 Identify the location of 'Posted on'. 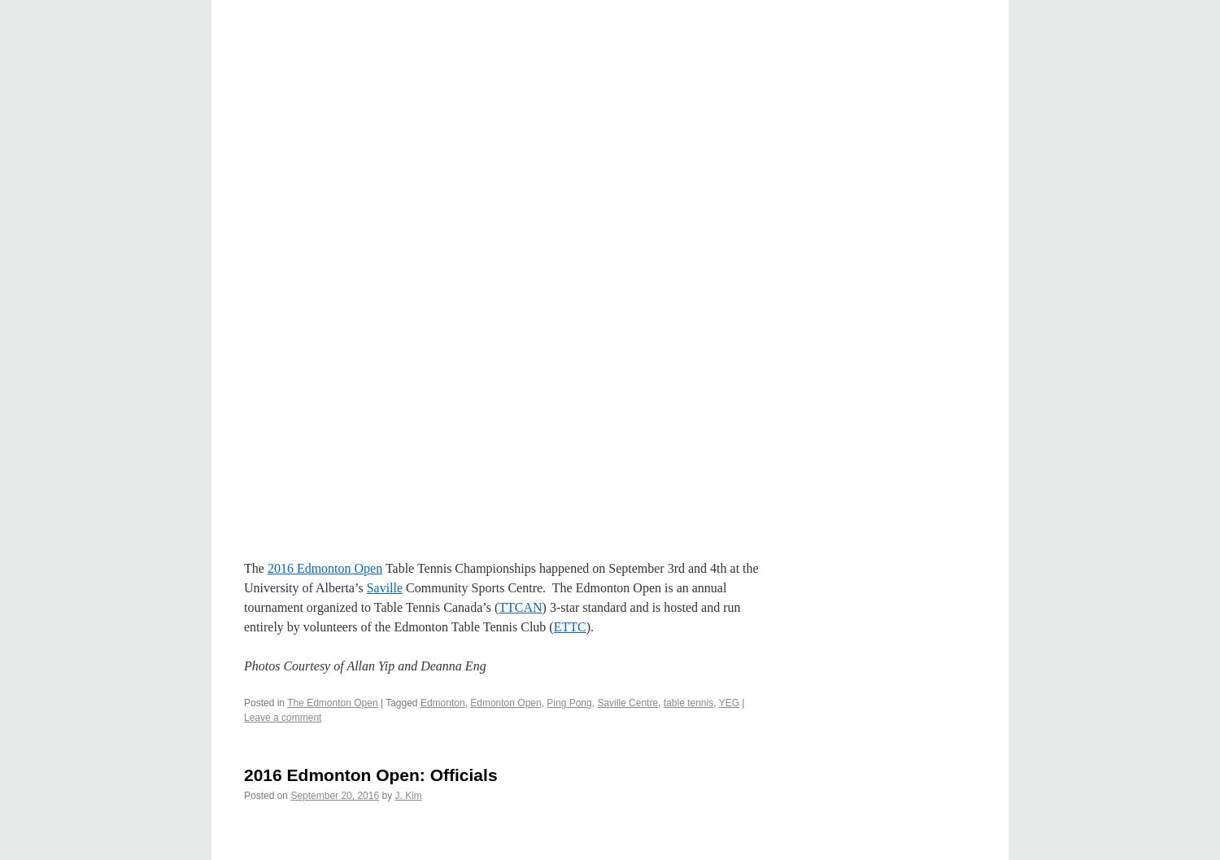
(265, 796).